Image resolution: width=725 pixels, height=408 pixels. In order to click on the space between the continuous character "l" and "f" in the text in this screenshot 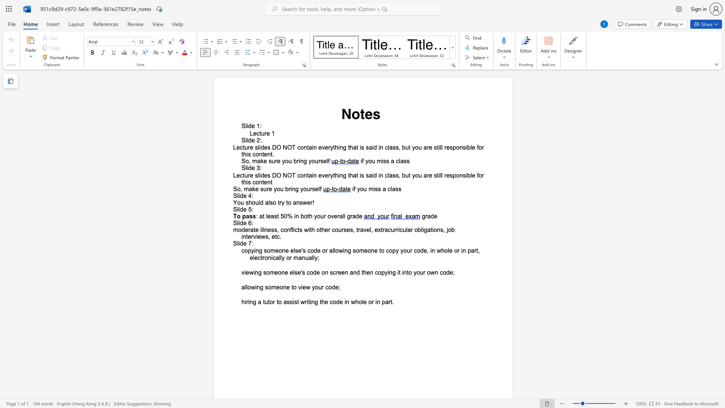, I will do `click(320, 189)`.